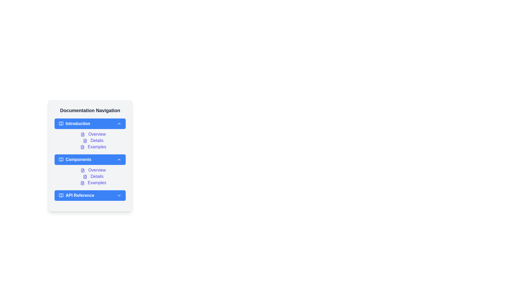 The image size is (506, 285). I want to click on the 'Details' hyperlink, which is the second item under the 'Introduction' section, so click(93, 140).